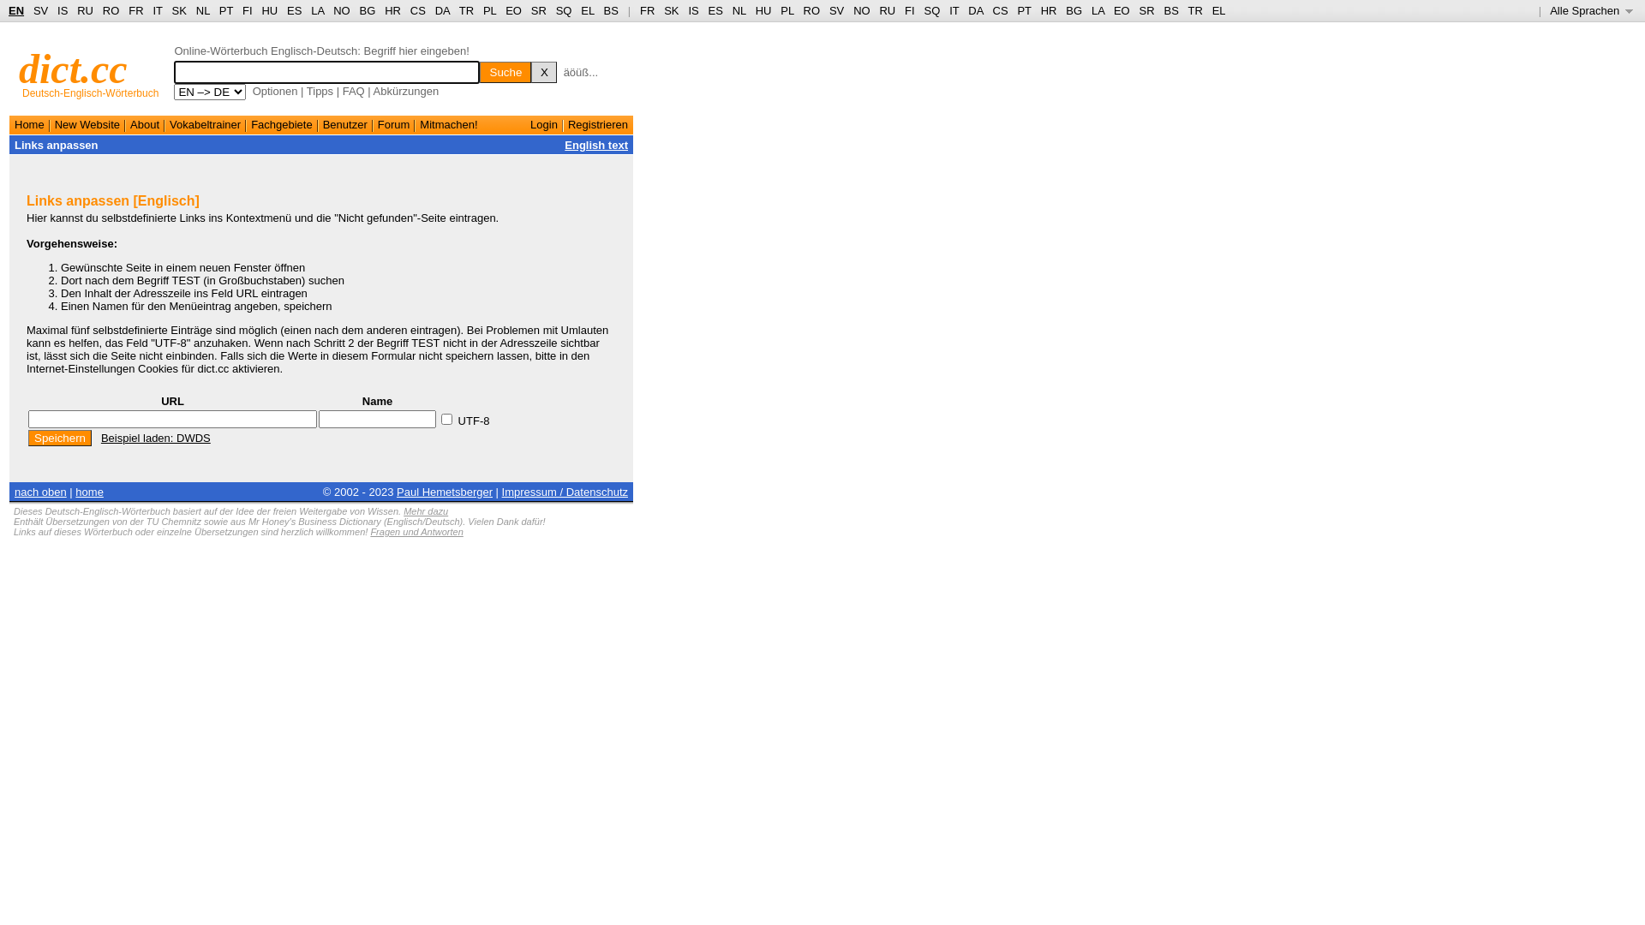 The image size is (1645, 925). Describe the element at coordinates (1064, 10) in the screenshot. I see `'BG'` at that location.